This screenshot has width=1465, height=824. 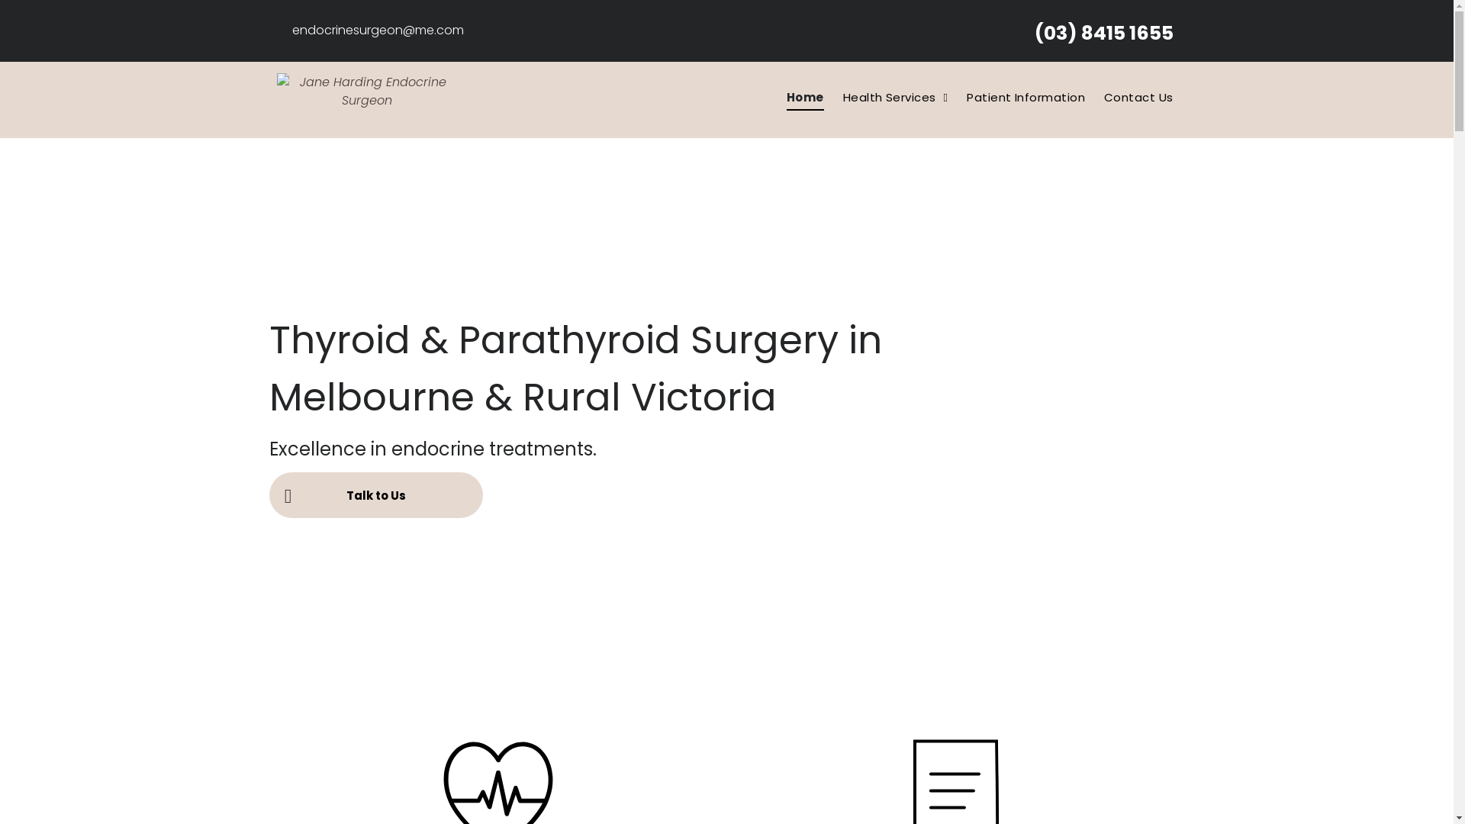 I want to click on 'Patient Information', so click(x=1016, y=98).